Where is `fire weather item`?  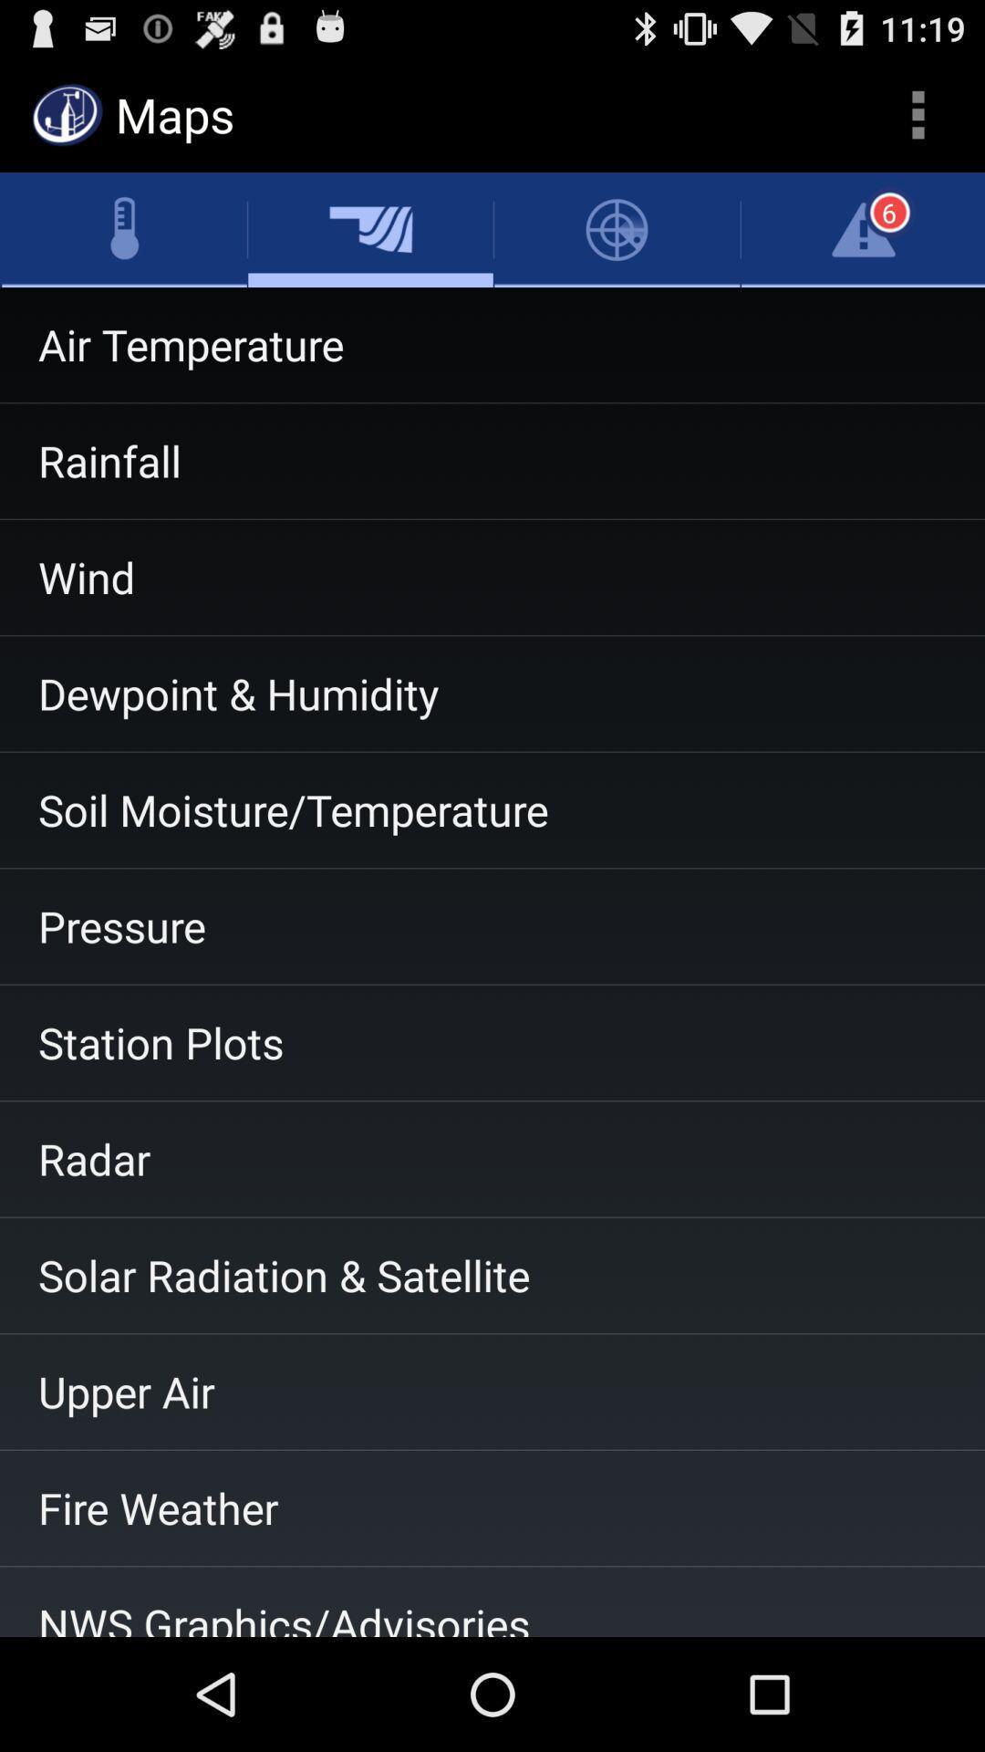 fire weather item is located at coordinates (493, 1507).